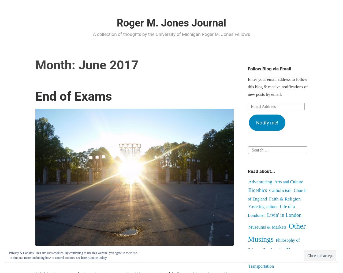 This screenshot has width=343, height=273. I want to click on 'Museums & Markets', so click(267, 227).